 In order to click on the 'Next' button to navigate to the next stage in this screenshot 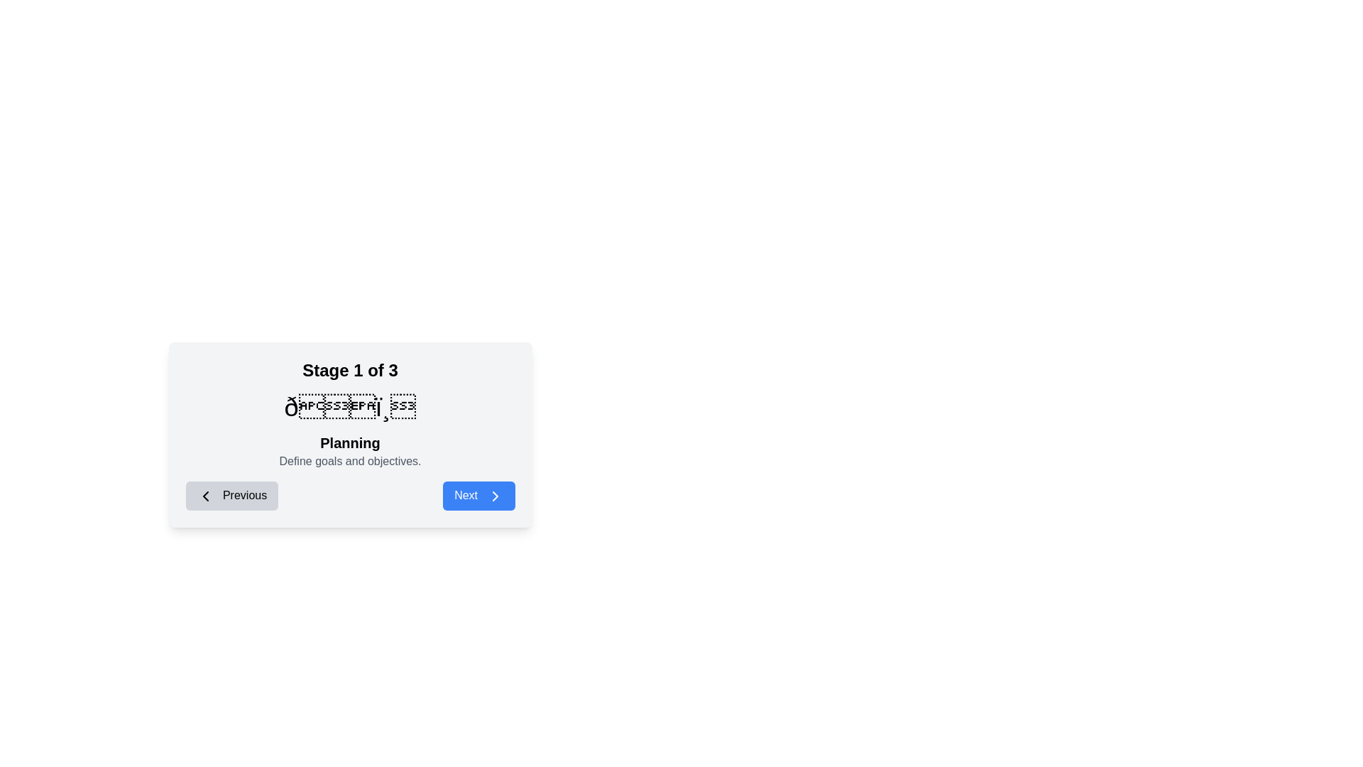, I will do `click(478, 495)`.